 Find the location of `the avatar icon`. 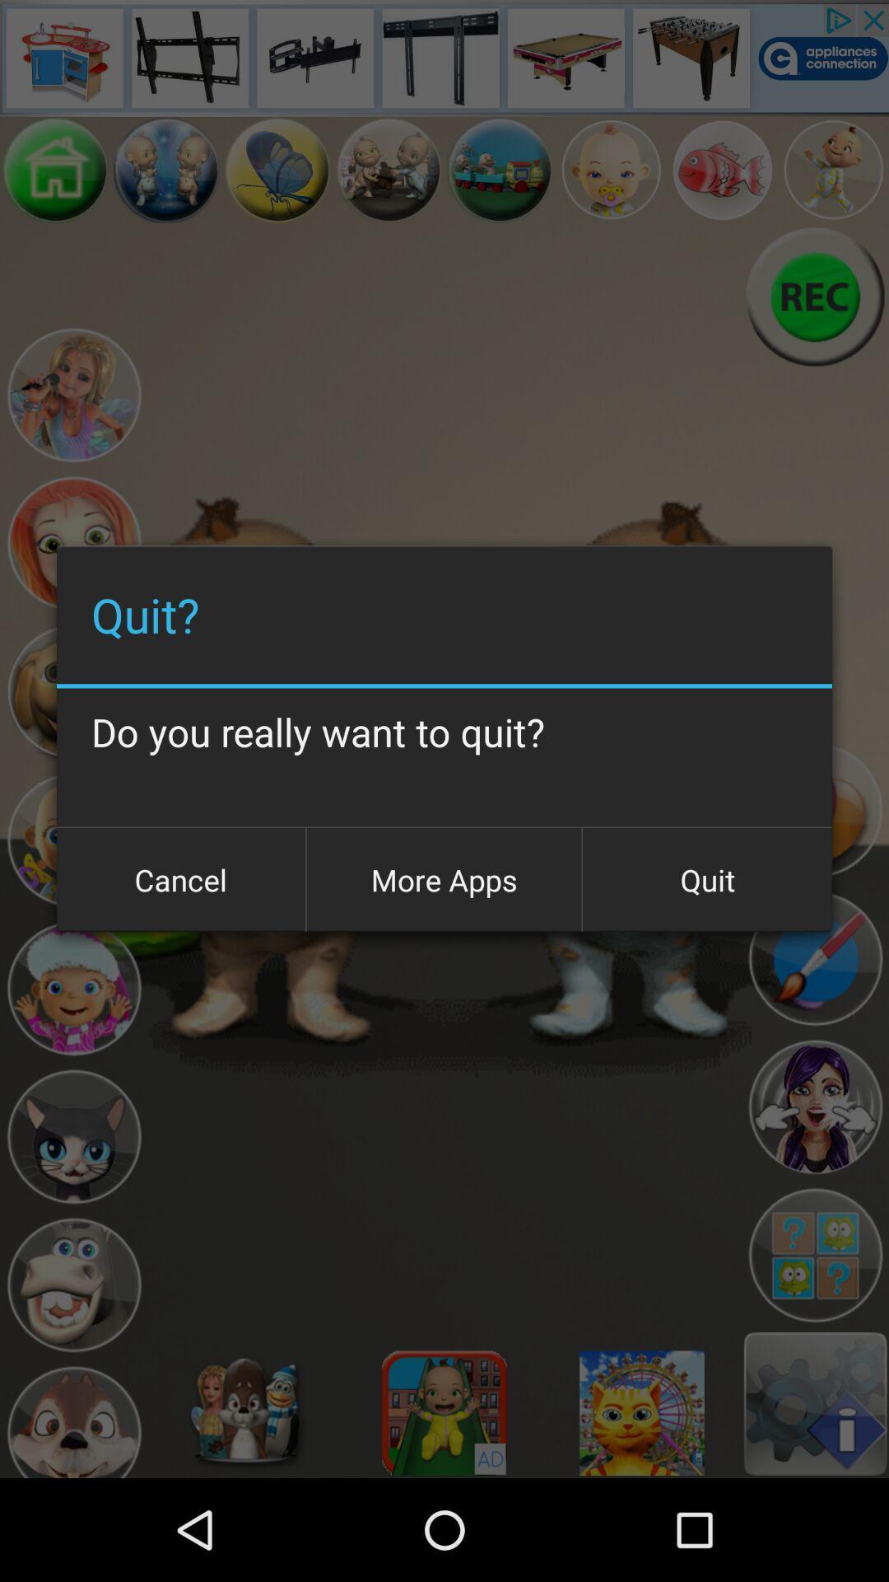

the avatar icon is located at coordinates (72, 1058).